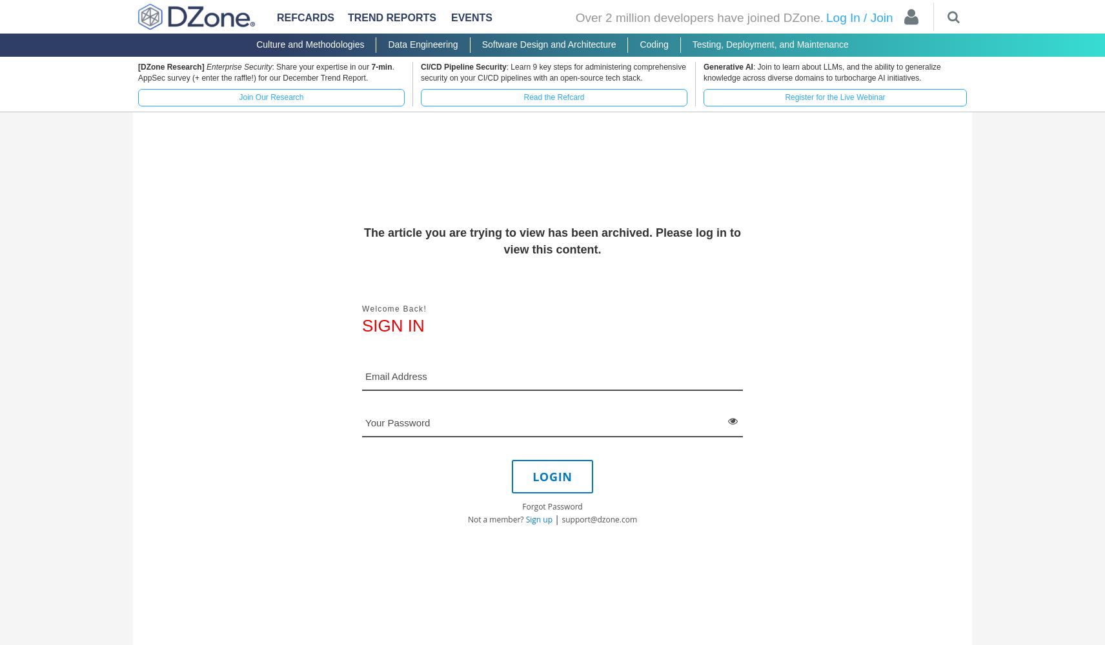 Image resolution: width=1105 pixels, height=645 pixels. What do you see at coordinates (270, 97) in the screenshot?
I see `'Join Our Research'` at bounding box center [270, 97].